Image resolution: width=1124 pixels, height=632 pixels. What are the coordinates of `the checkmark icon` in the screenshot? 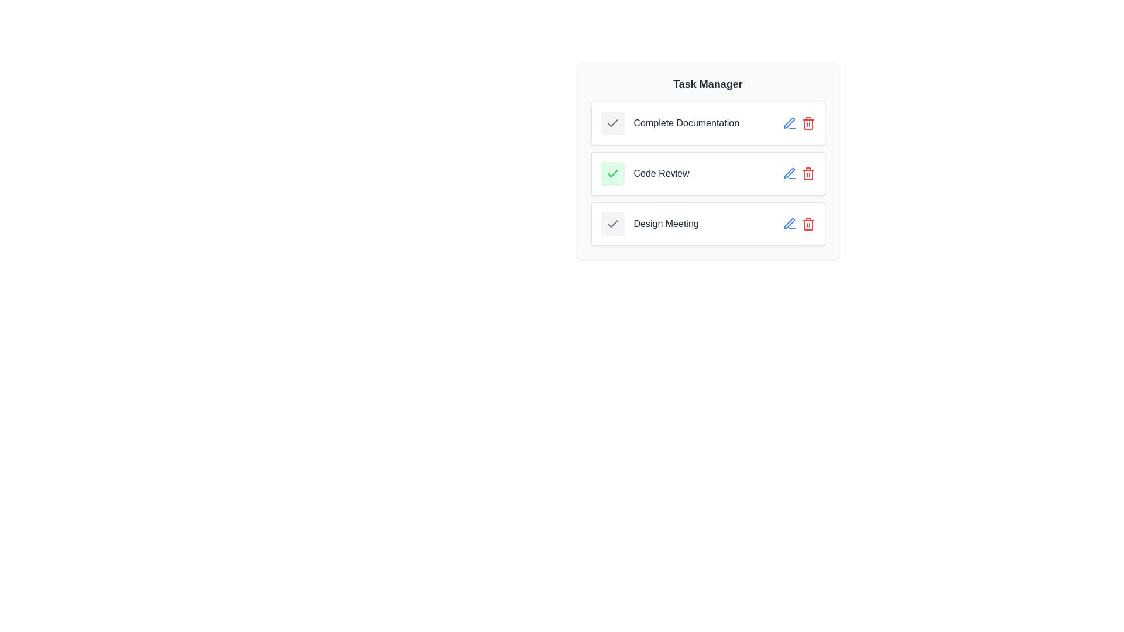 It's located at (612, 174).